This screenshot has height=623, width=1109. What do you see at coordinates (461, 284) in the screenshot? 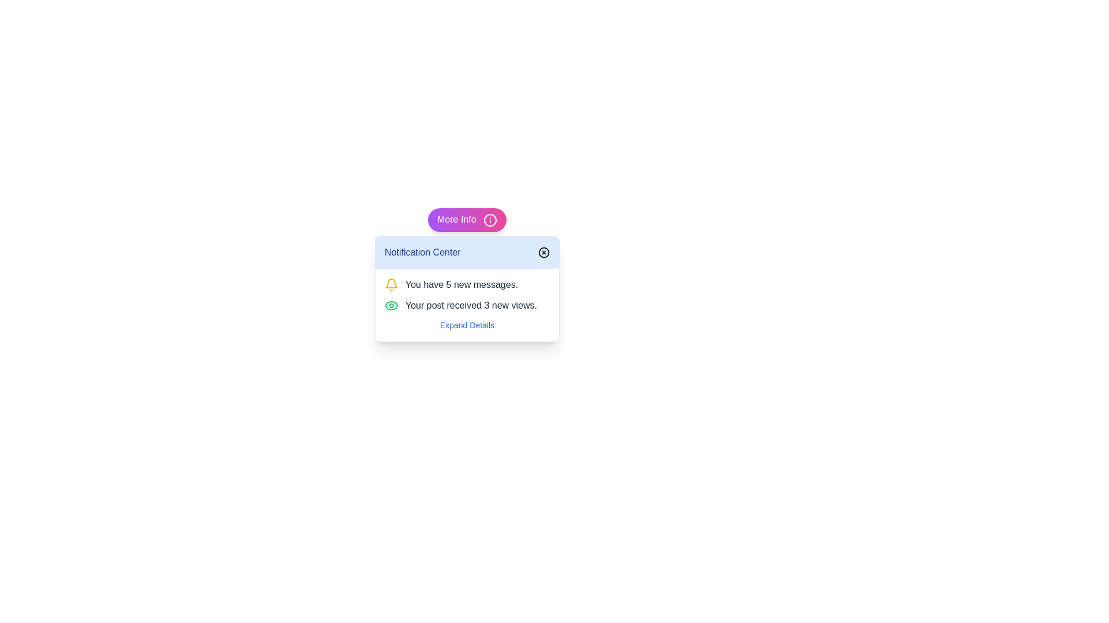
I see `the text label that reads 'You have 5 new messages.' which is styled in dark gray and located next to the yellow bell icon in the Notification Center` at bounding box center [461, 284].